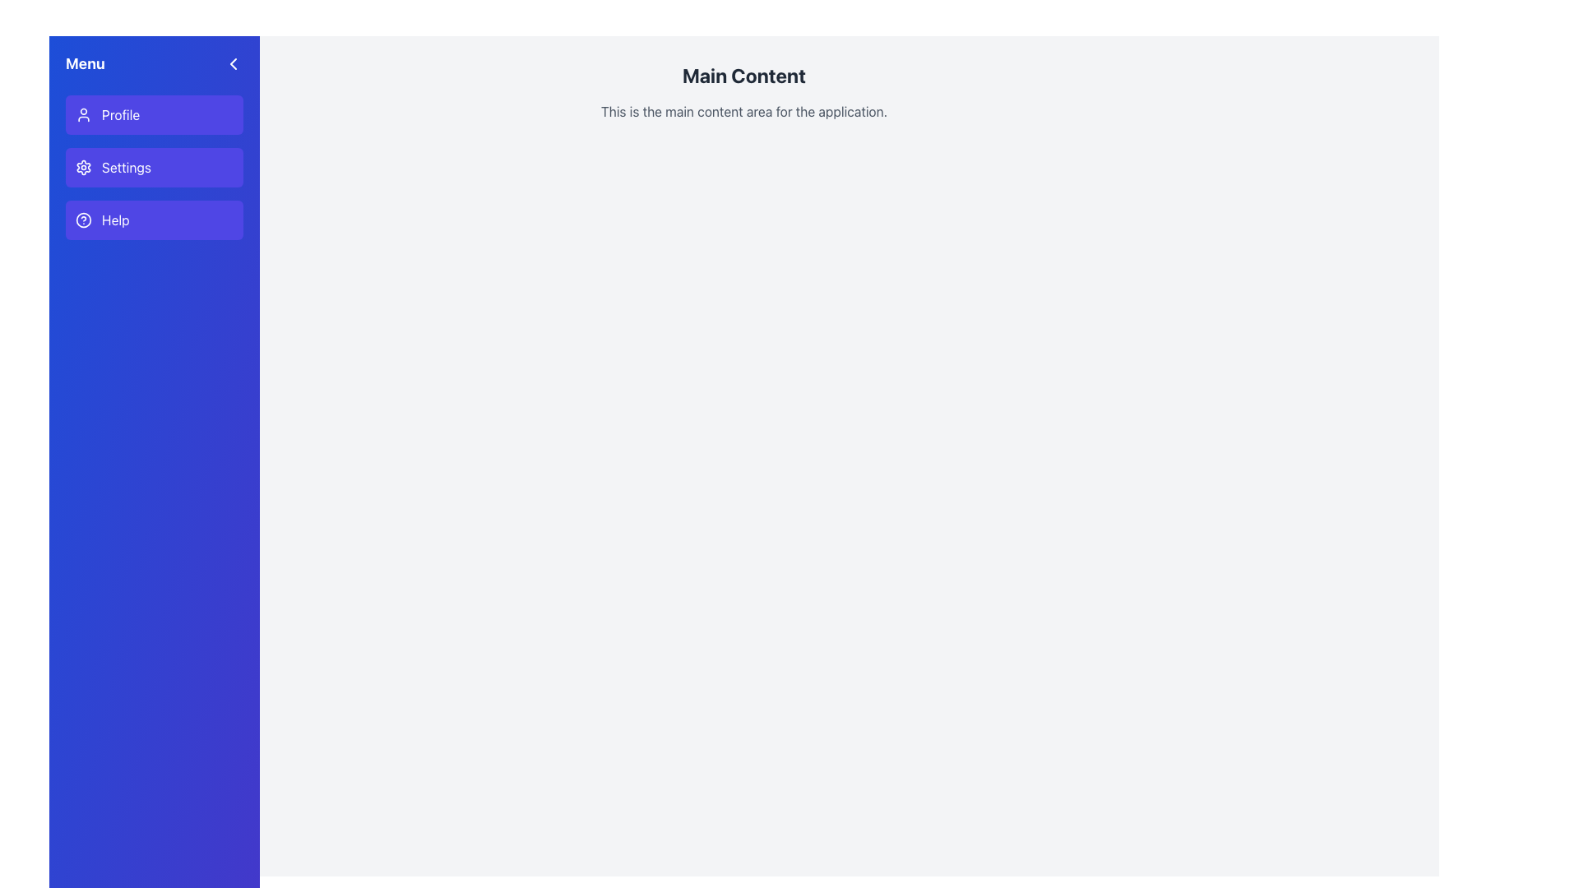 This screenshot has height=888, width=1579. I want to click on the 'Menu' header element with the arrow icon located at the top of the sidebar menu, so click(154, 62).